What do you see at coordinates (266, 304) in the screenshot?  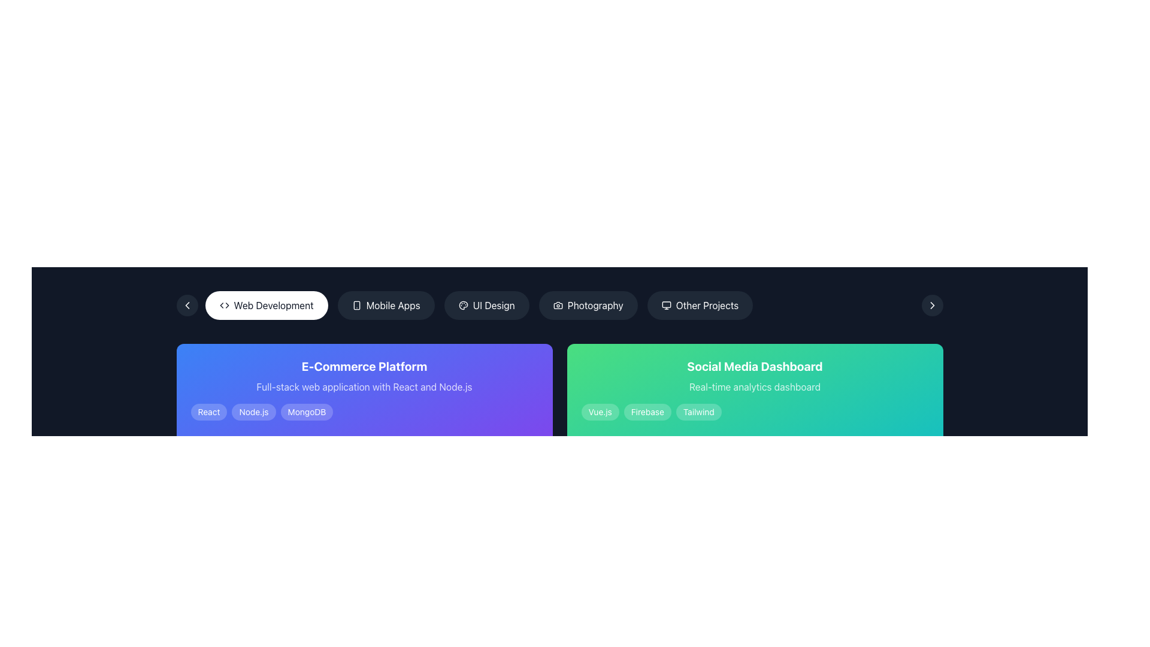 I see `the 'Web Development' button, which is styled with a white background and rounded corners` at bounding box center [266, 304].